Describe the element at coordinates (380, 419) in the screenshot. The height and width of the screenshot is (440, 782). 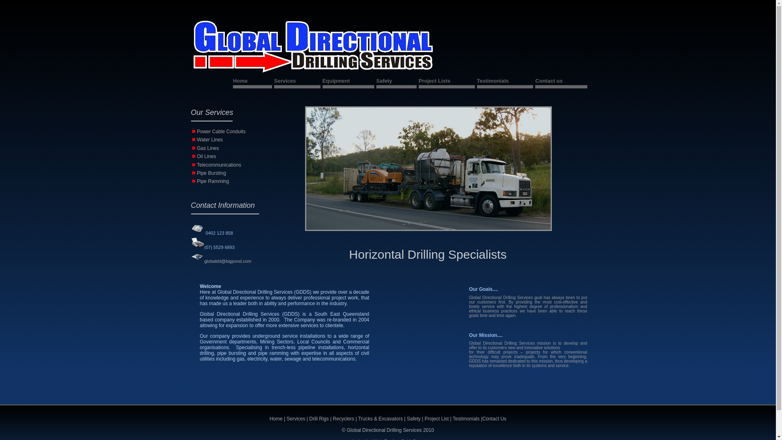
I see `'Trucks & Excavators'` at that location.